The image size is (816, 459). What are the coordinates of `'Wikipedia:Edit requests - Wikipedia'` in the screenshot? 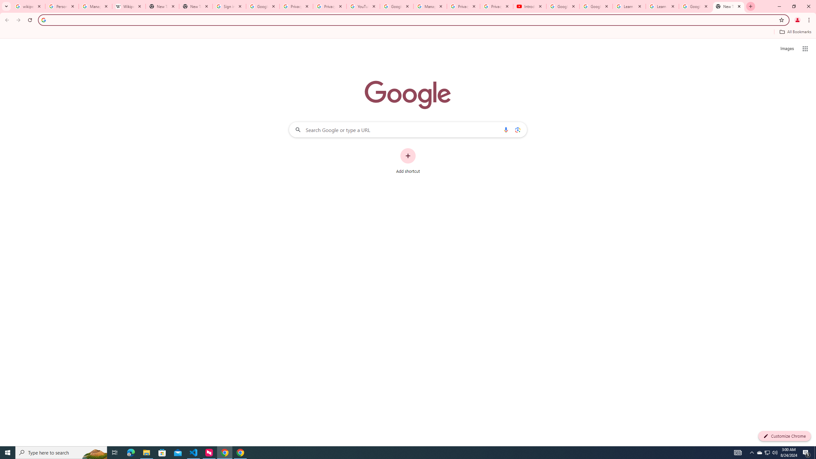 It's located at (128, 6).